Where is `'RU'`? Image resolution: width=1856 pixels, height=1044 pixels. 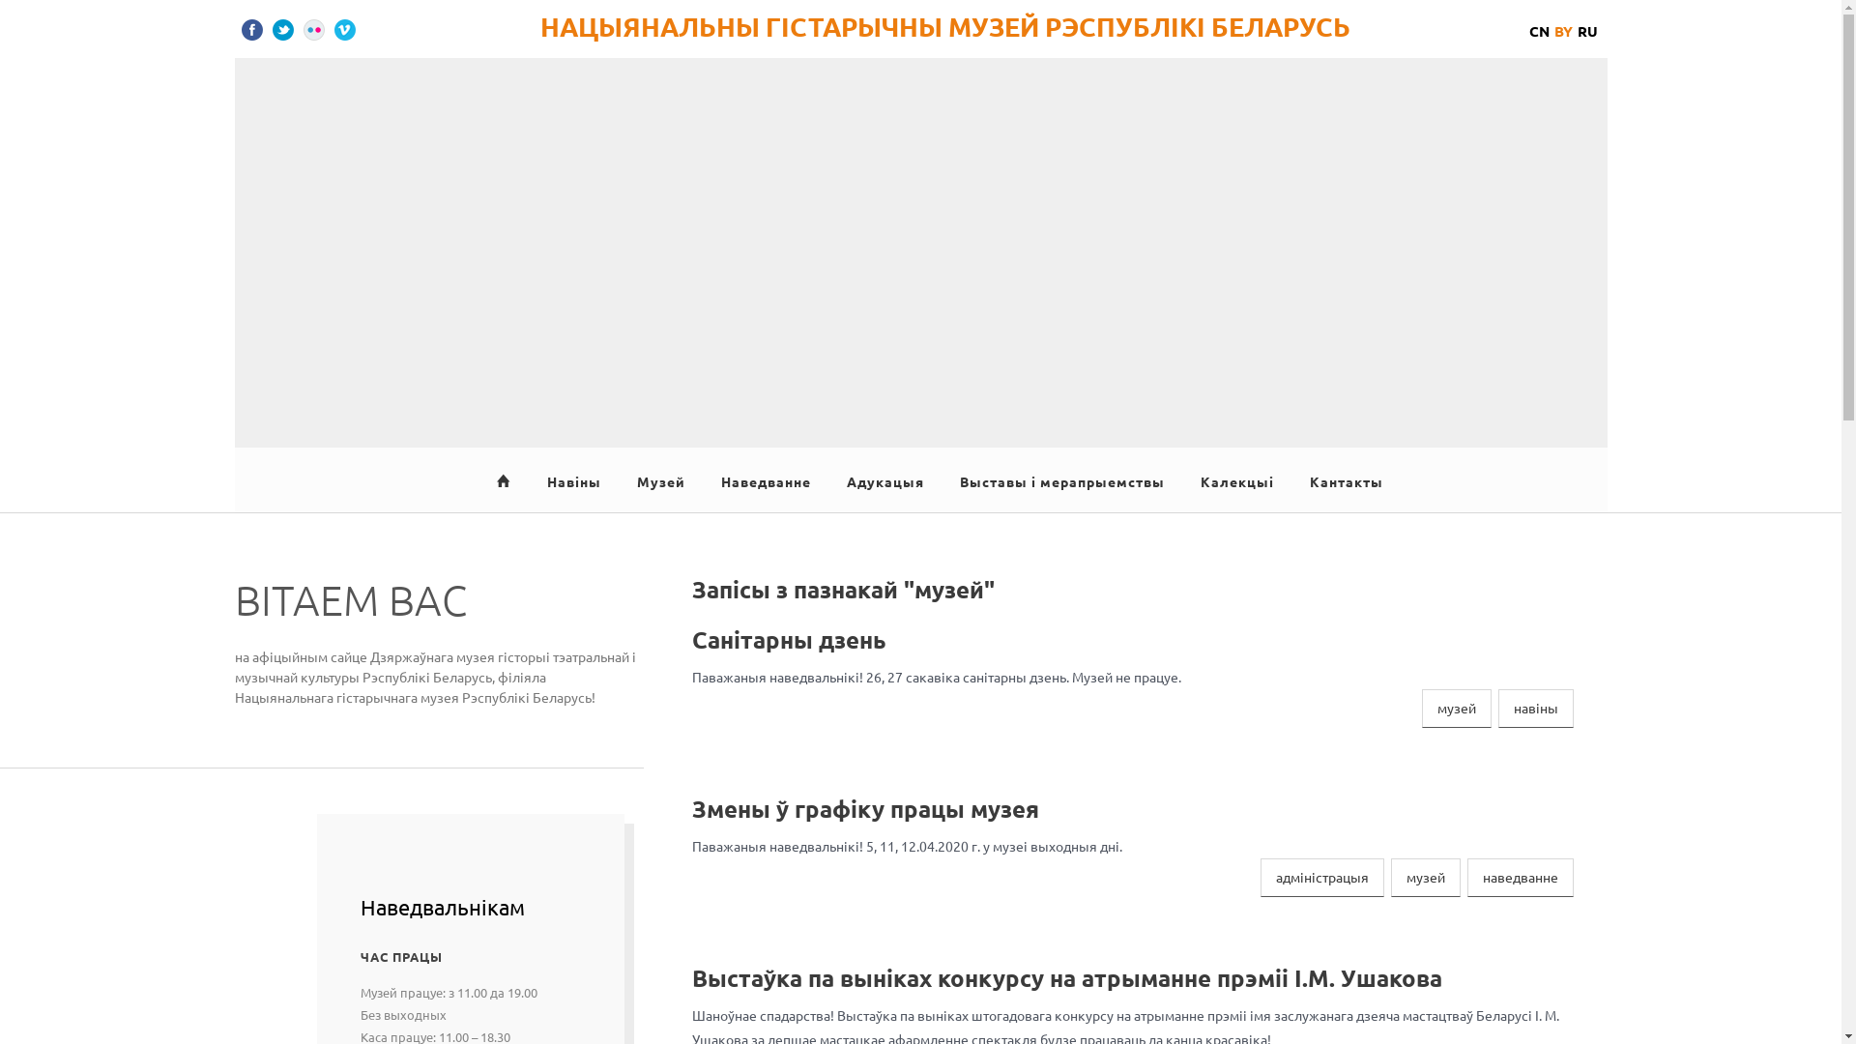 'RU' is located at coordinates (1587, 30).